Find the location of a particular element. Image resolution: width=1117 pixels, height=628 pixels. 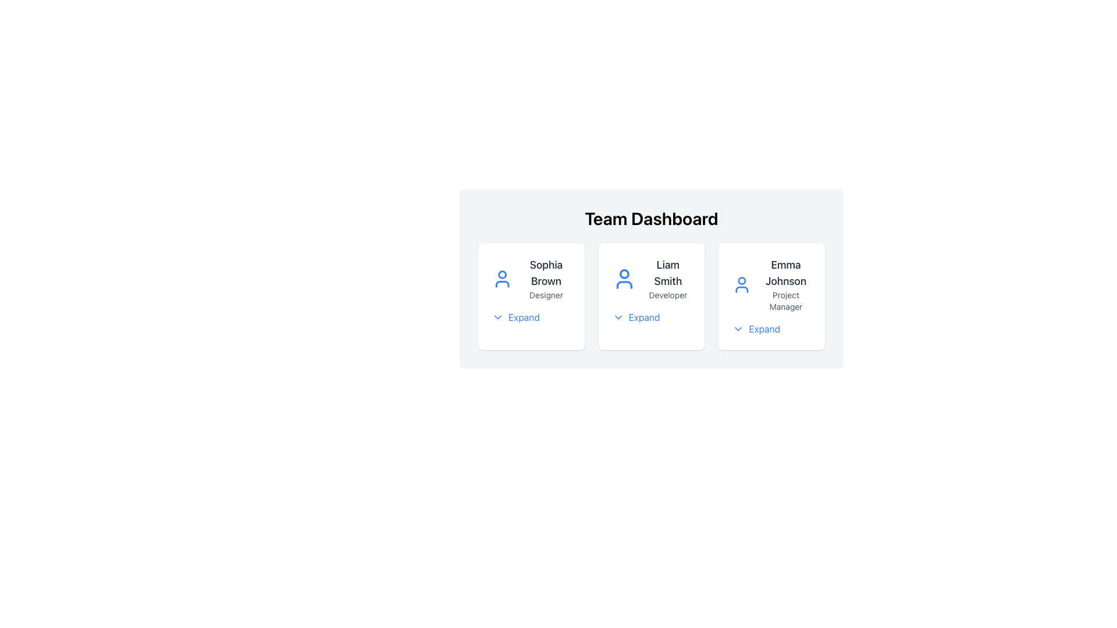

the user icon representing 'Emma Johnson' located in the rightmost card under the 'Team Dashboard' heading is located at coordinates (741, 284).